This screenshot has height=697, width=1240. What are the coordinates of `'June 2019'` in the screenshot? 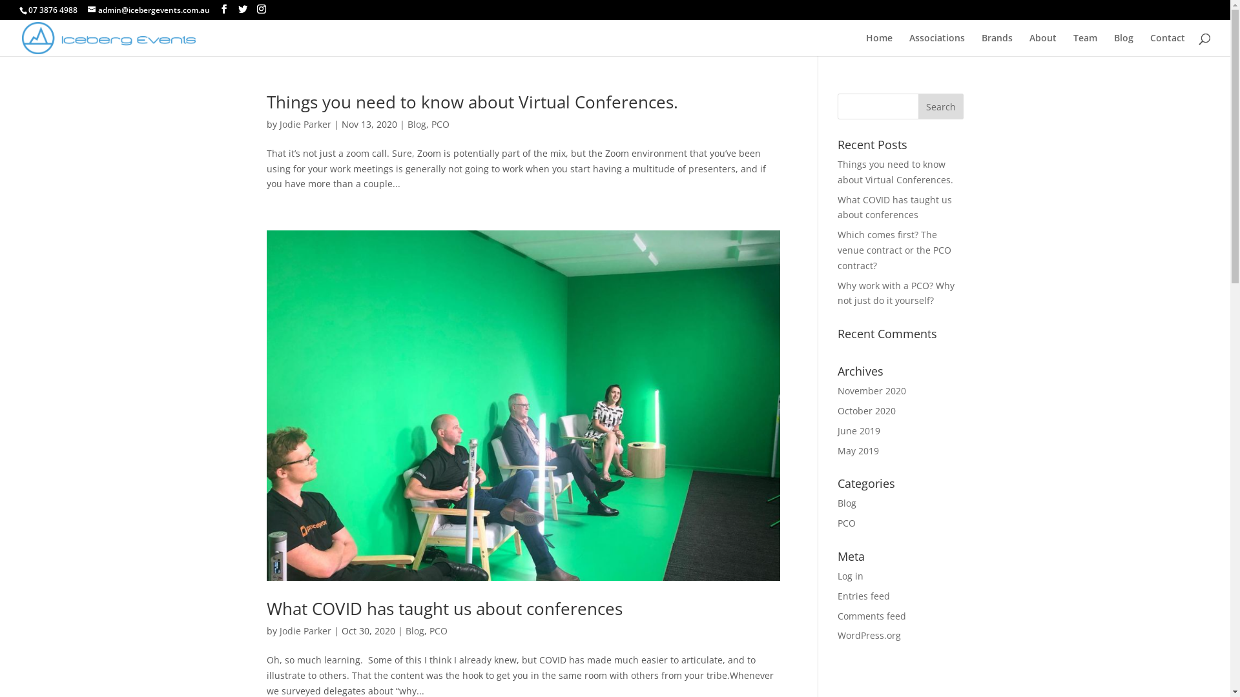 It's located at (858, 430).